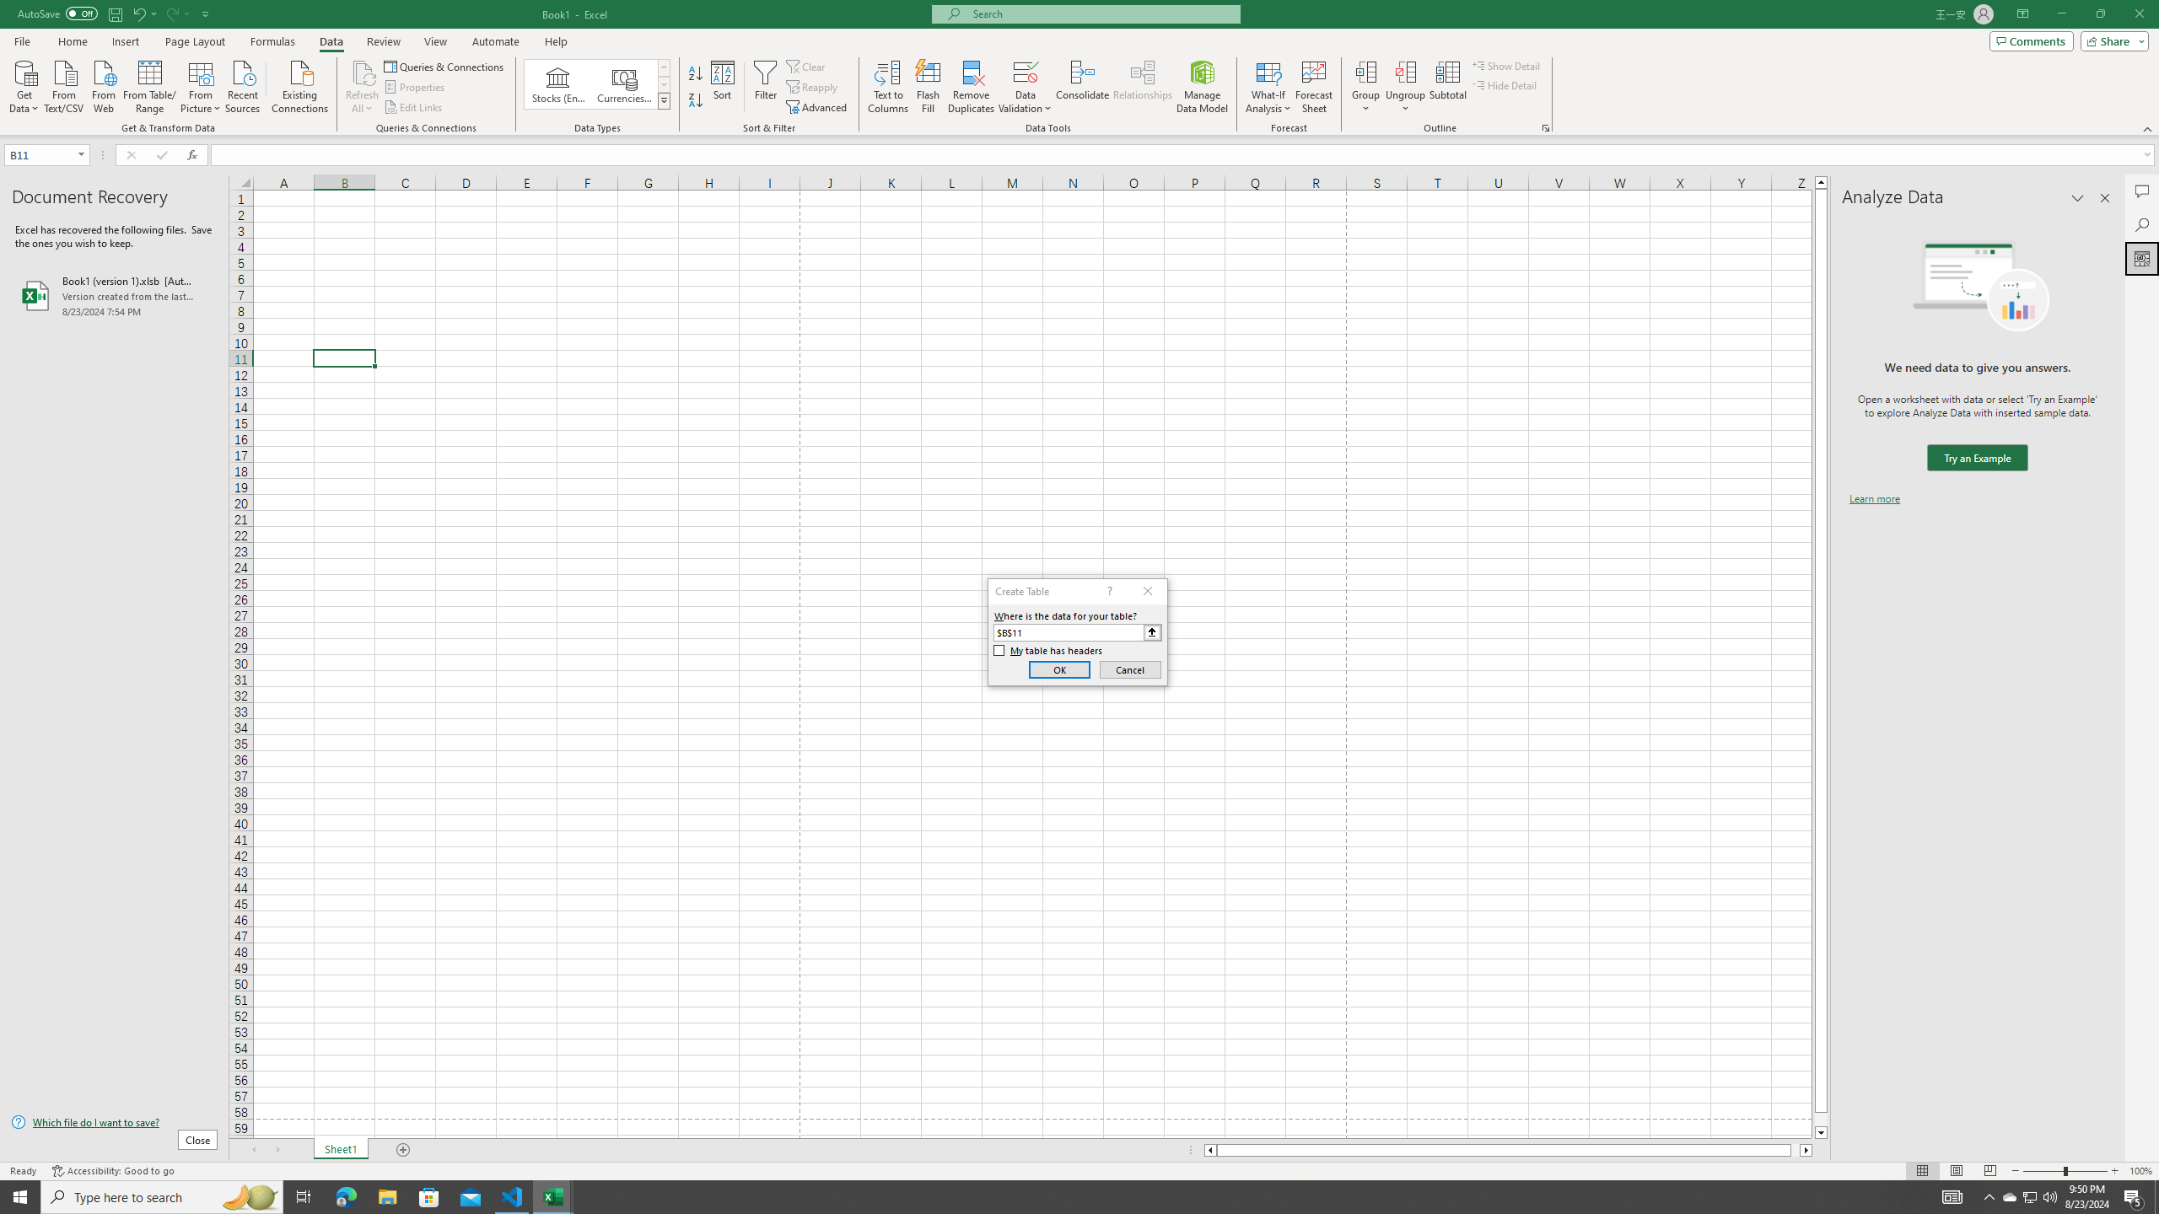  I want to click on 'Refresh All', so click(362, 87).